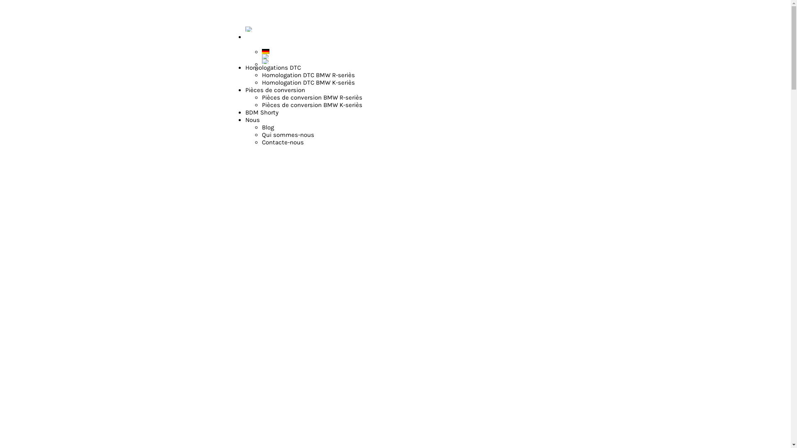 The image size is (797, 448). What do you see at coordinates (283, 142) in the screenshot?
I see `'Contacte-nous'` at bounding box center [283, 142].